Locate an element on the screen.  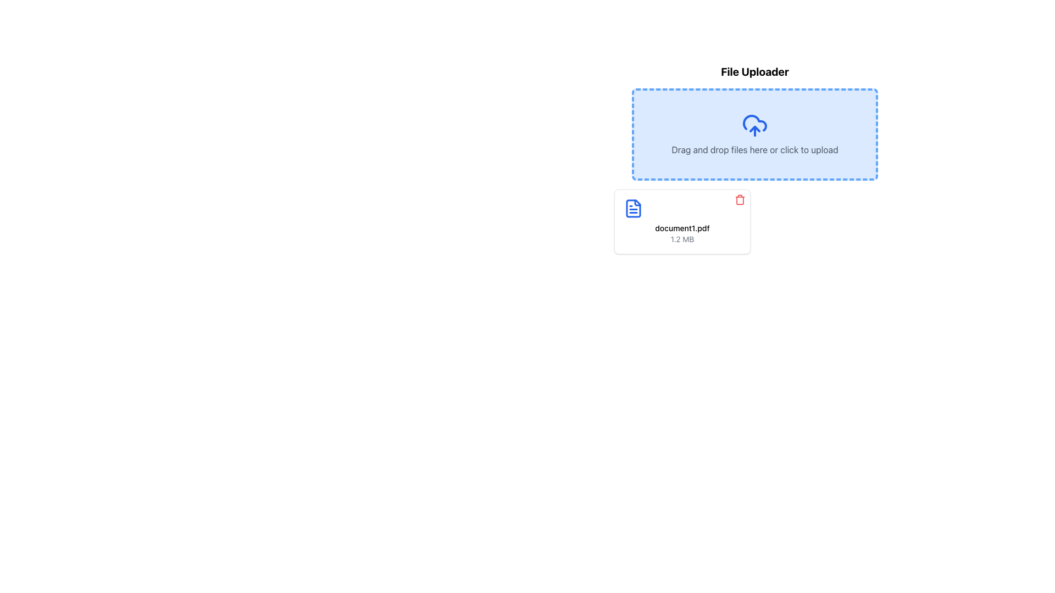
the decorative shape resembling a curved line forming a partial cloud within the cloud upload icon, which features a blue stroke and is part of an interactive file uploader area is located at coordinates (754, 123).